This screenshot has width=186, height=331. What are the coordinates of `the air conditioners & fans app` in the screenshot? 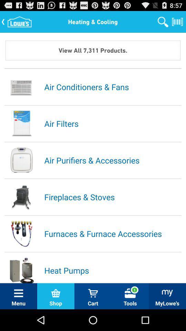 It's located at (112, 86).